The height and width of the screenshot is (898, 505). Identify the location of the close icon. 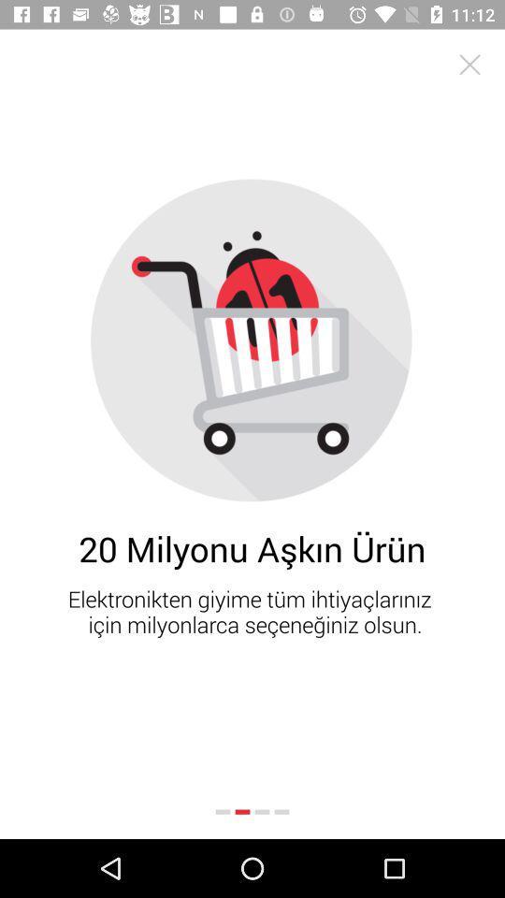
(469, 65).